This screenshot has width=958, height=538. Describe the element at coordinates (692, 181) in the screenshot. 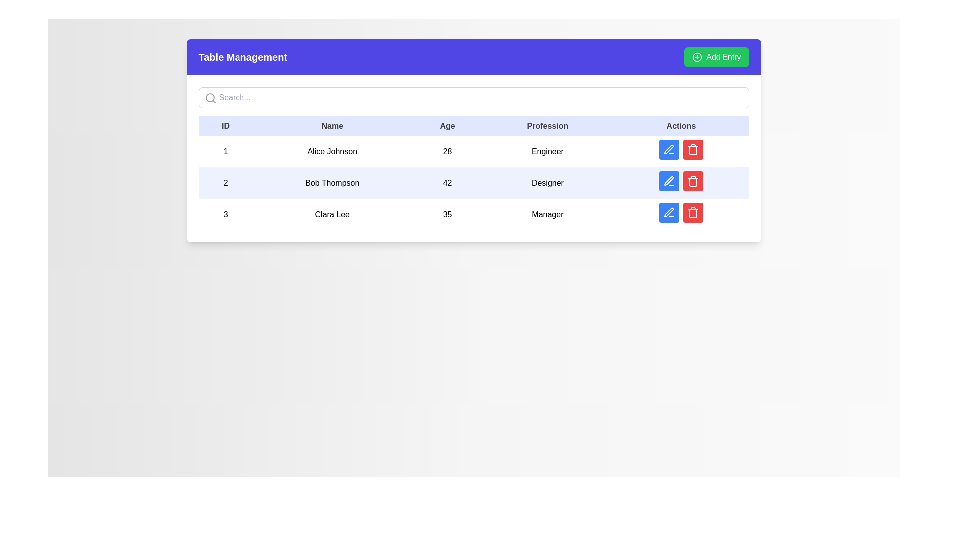

I see `the trash can icon button in the Actions column of the second row` at that location.